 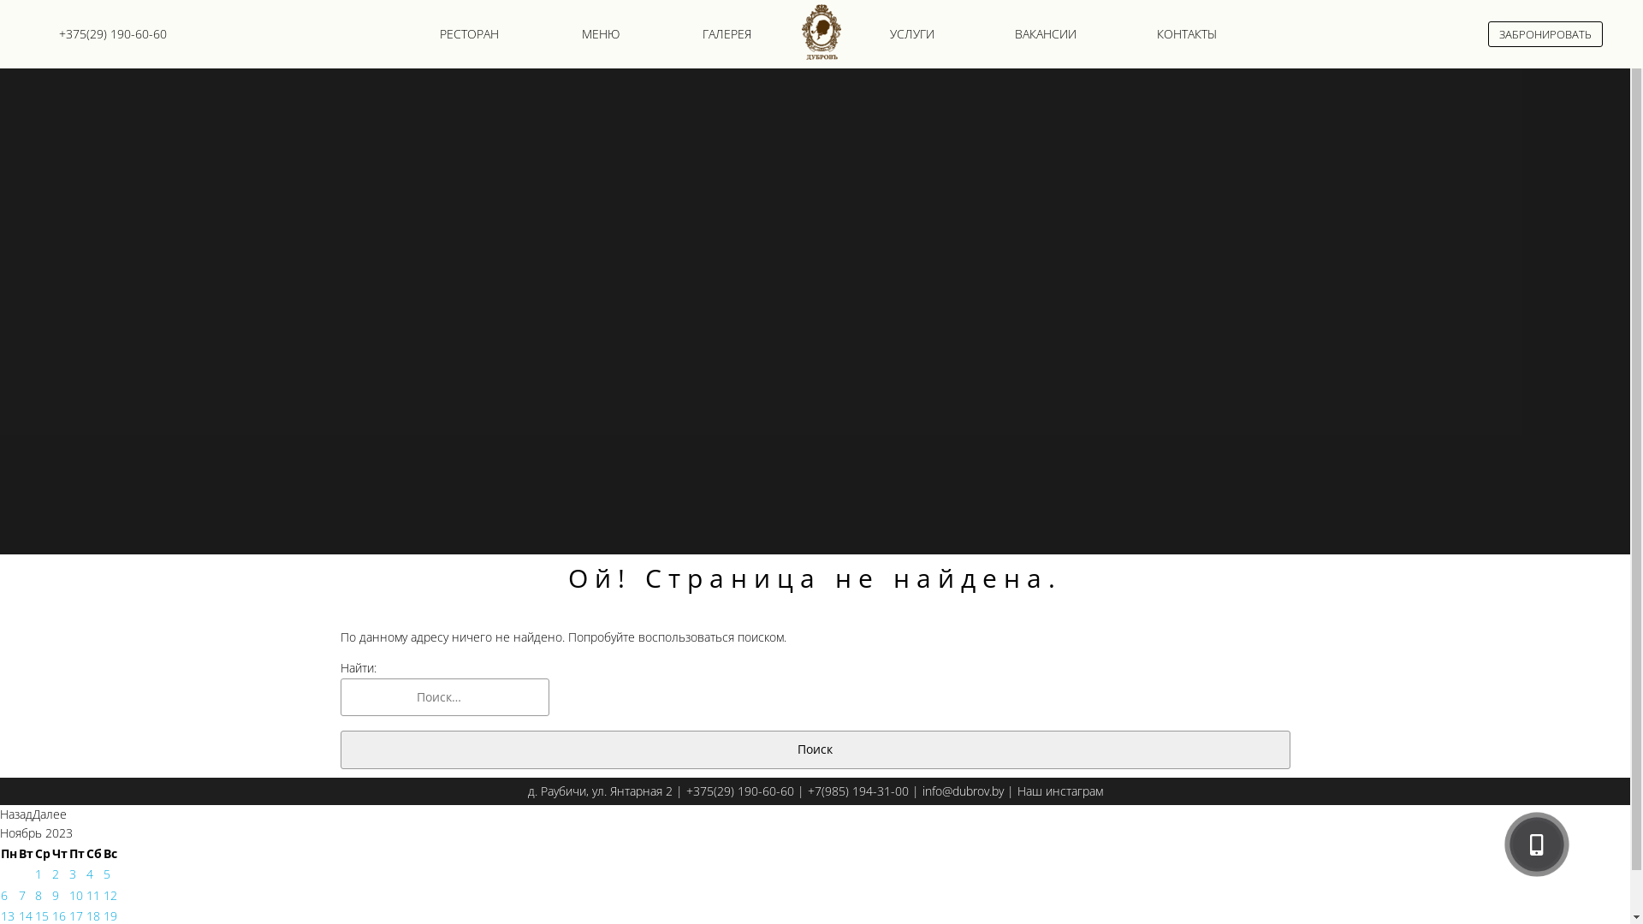 What do you see at coordinates (21, 894) in the screenshot?
I see `'7'` at bounding box center [21, 894].